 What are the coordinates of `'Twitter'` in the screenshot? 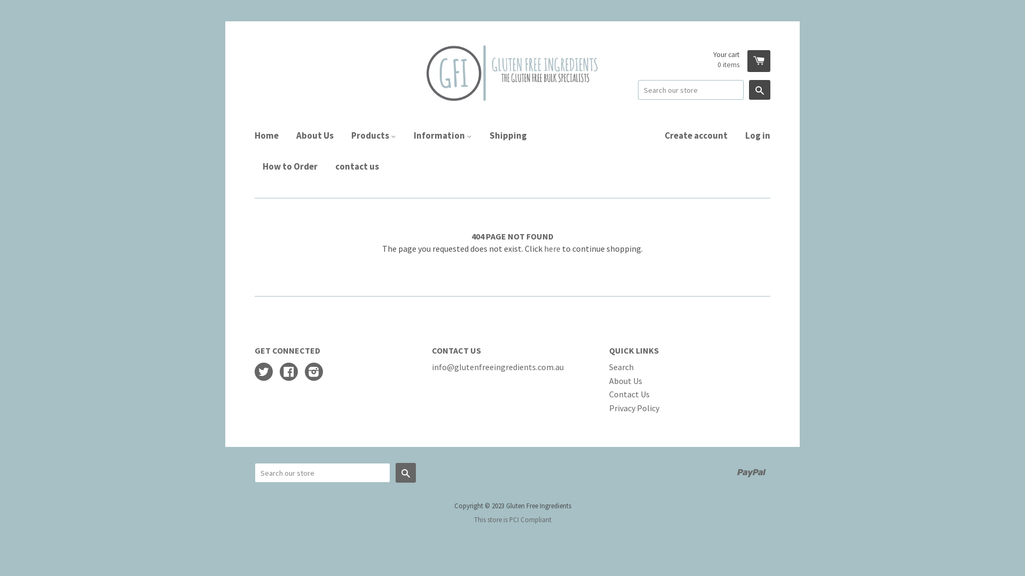 It's located at (264, 372).